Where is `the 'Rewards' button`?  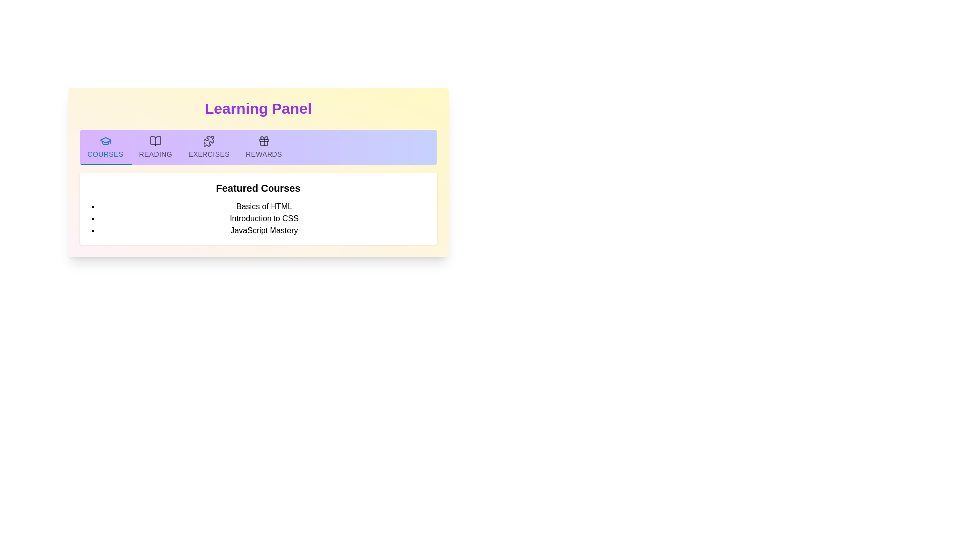 the 'Rewards' button is located at coordinates (264, 141).